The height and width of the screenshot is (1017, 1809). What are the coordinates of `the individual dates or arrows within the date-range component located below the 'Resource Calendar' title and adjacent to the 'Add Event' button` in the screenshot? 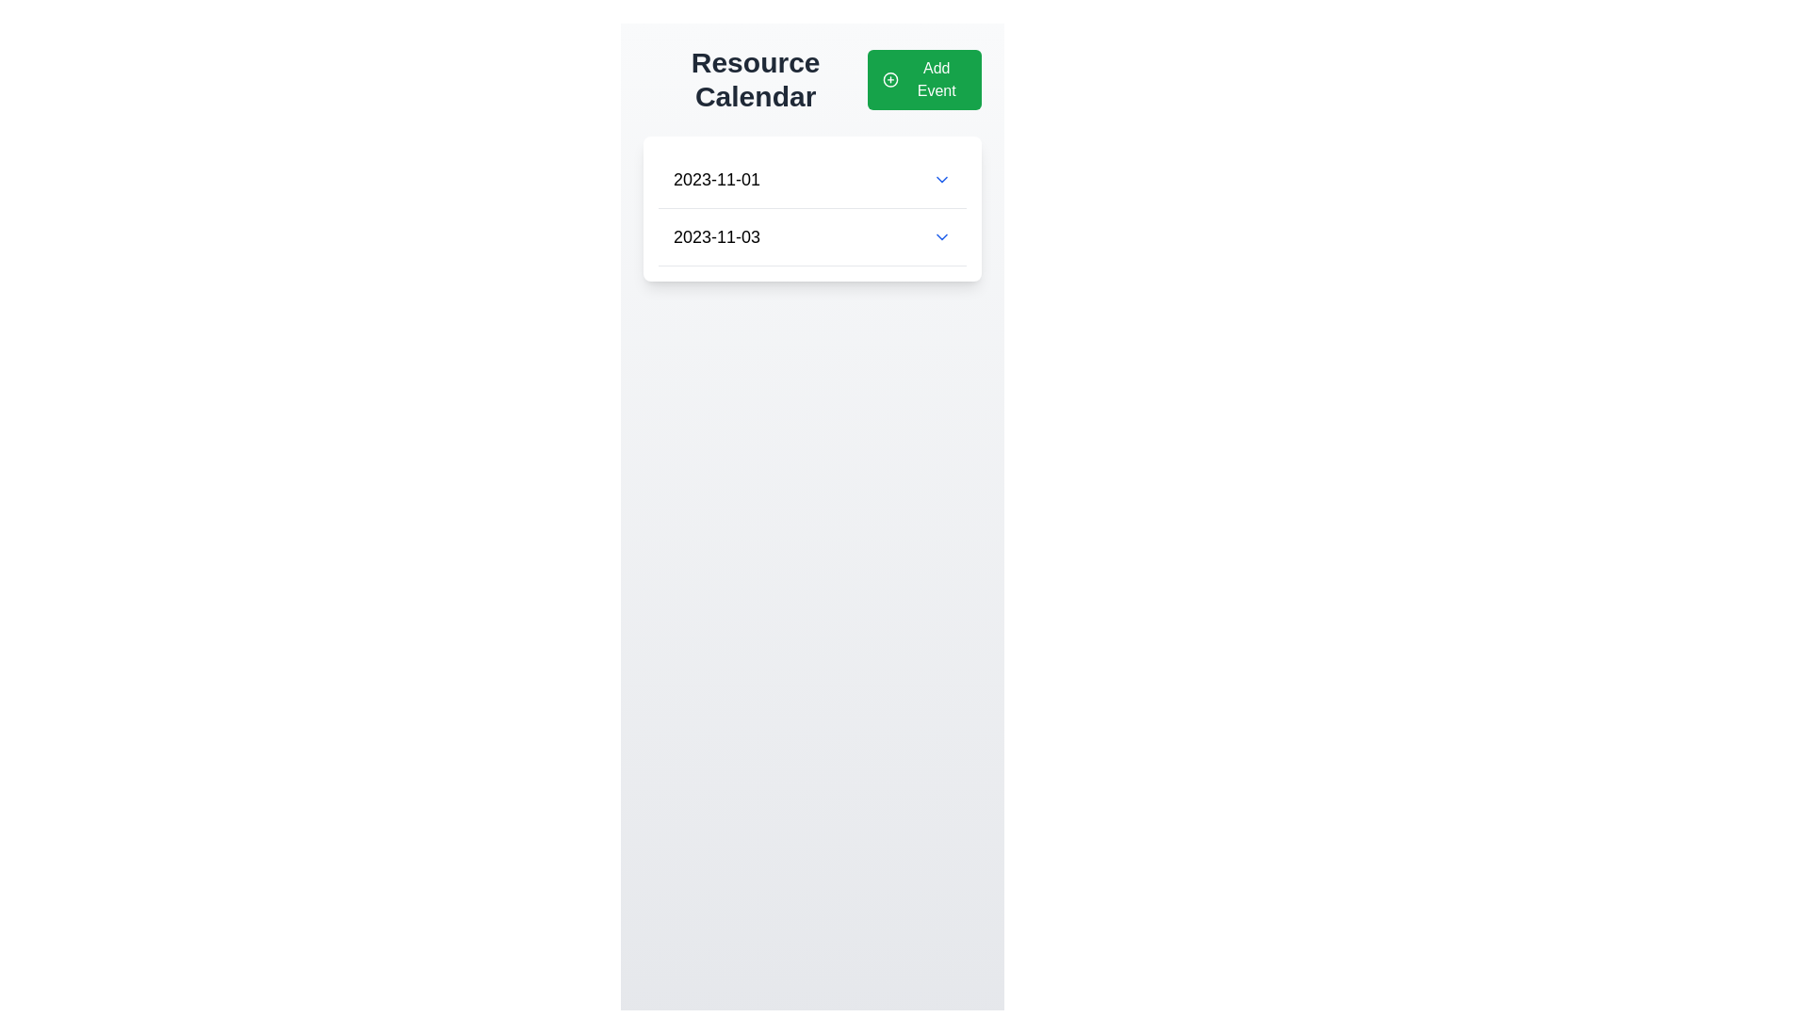 It's located at (812, 209).